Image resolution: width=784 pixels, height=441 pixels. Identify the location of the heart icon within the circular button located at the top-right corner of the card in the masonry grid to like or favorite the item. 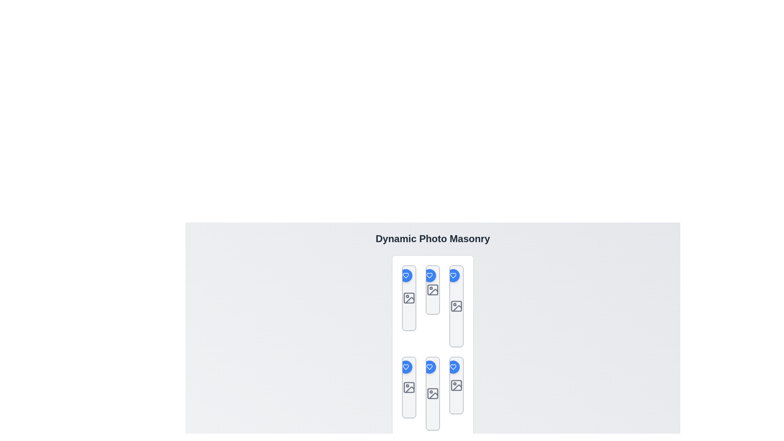
(405, 276).